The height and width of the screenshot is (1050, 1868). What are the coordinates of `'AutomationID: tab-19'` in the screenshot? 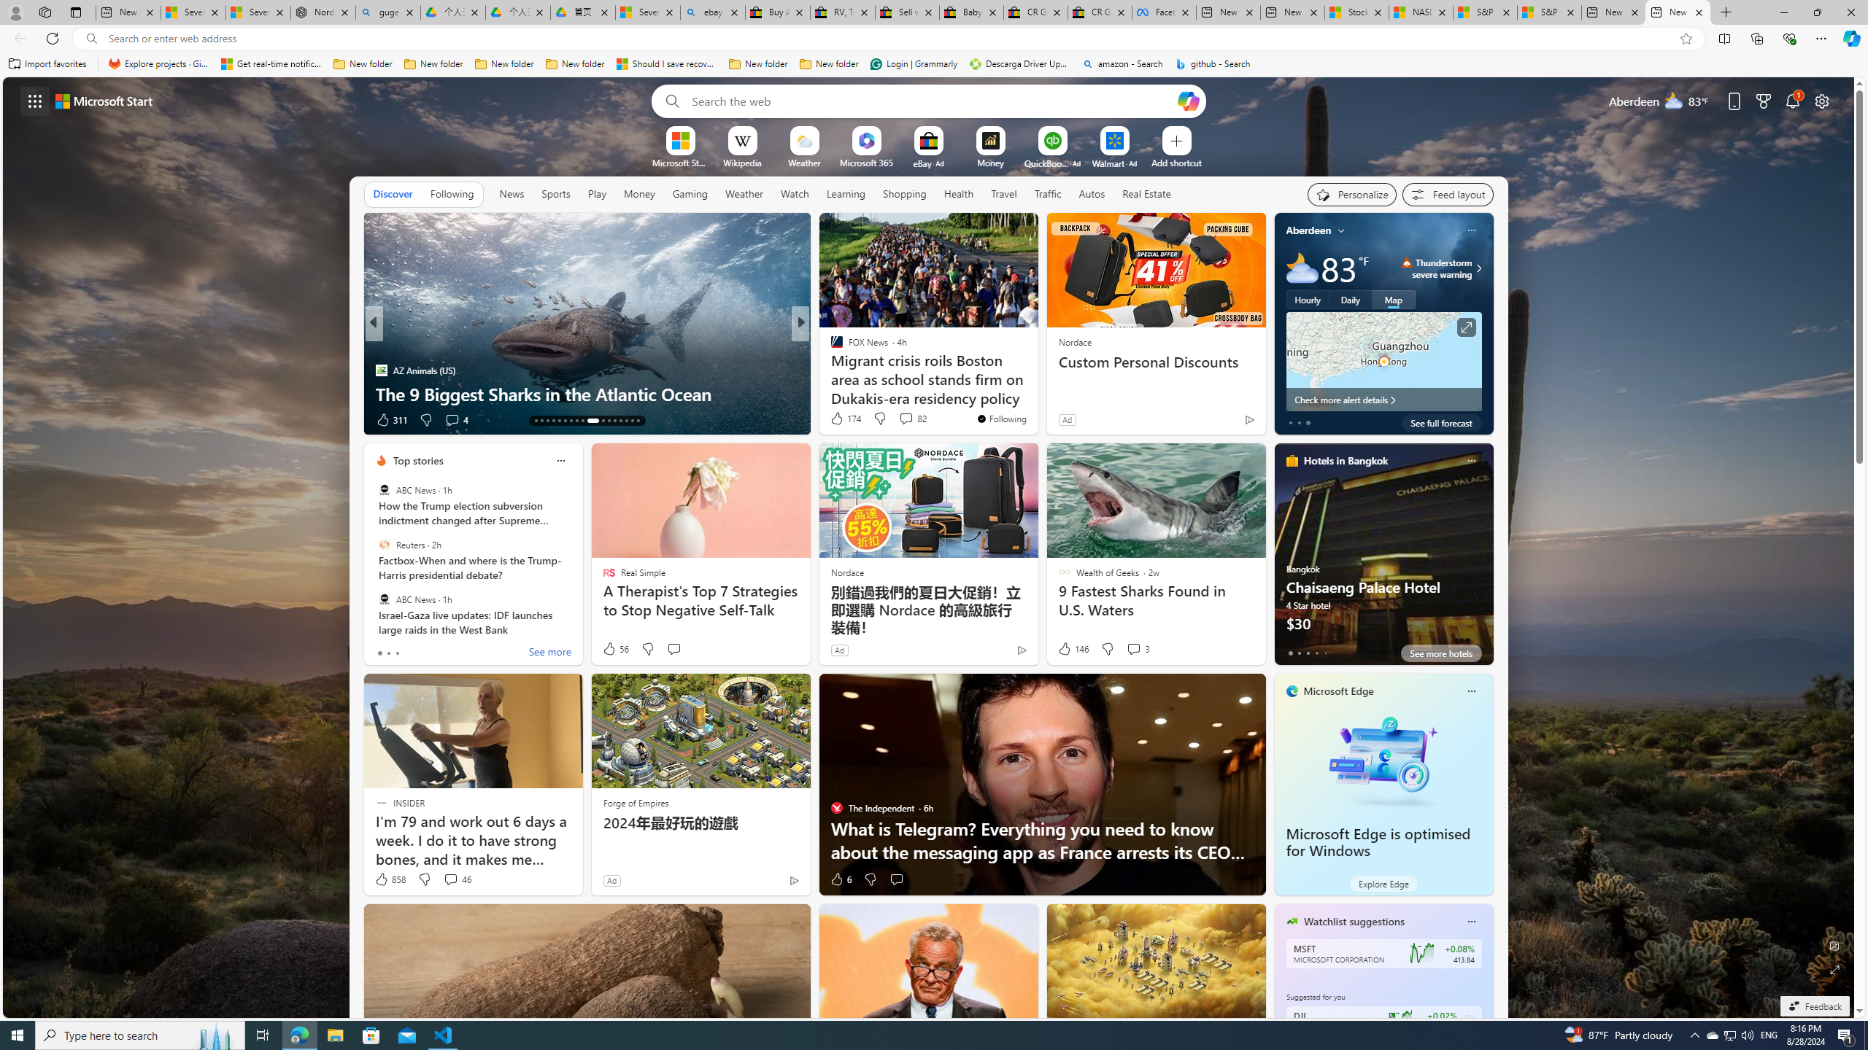 It's located at (571, 421).